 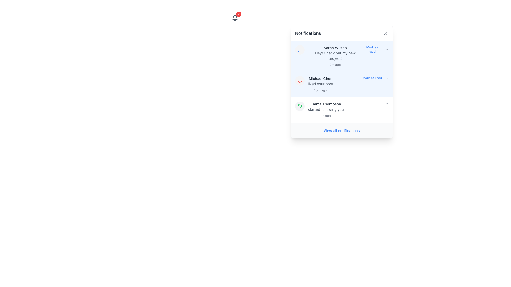 What do you see at coordinates (341, 131) in the screenshot?
I see `the blue text link labeled 'View all notifications' located at the bottom of the notifications popup` at bounding box center [341, 131].